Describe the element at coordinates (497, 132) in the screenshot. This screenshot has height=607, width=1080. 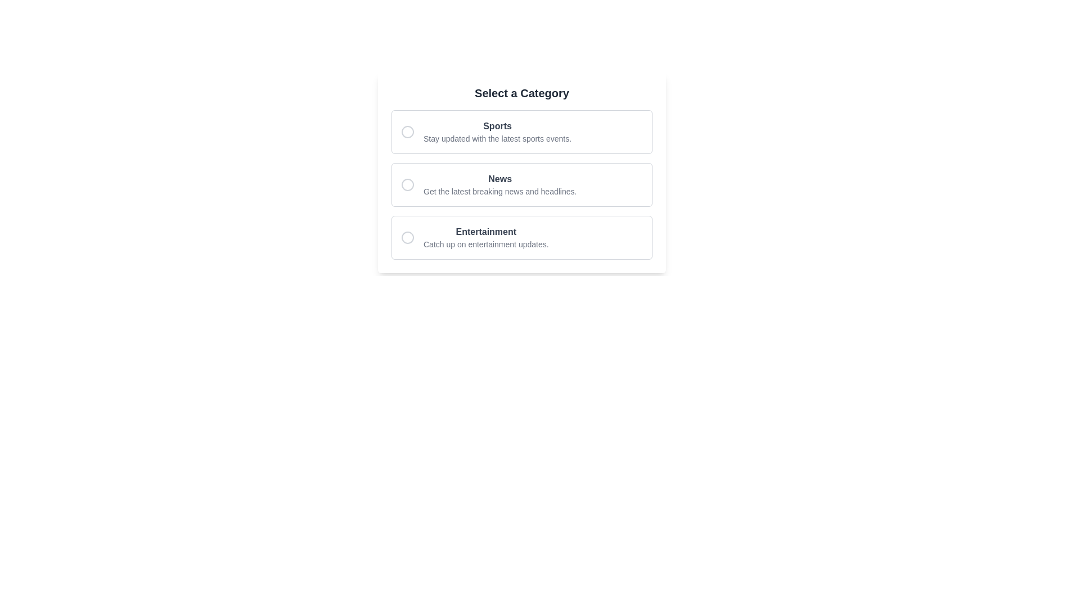
I see `the selectable category labeled 'Sports' which is part of a list of options, positioned above the 'News' option` at that location.